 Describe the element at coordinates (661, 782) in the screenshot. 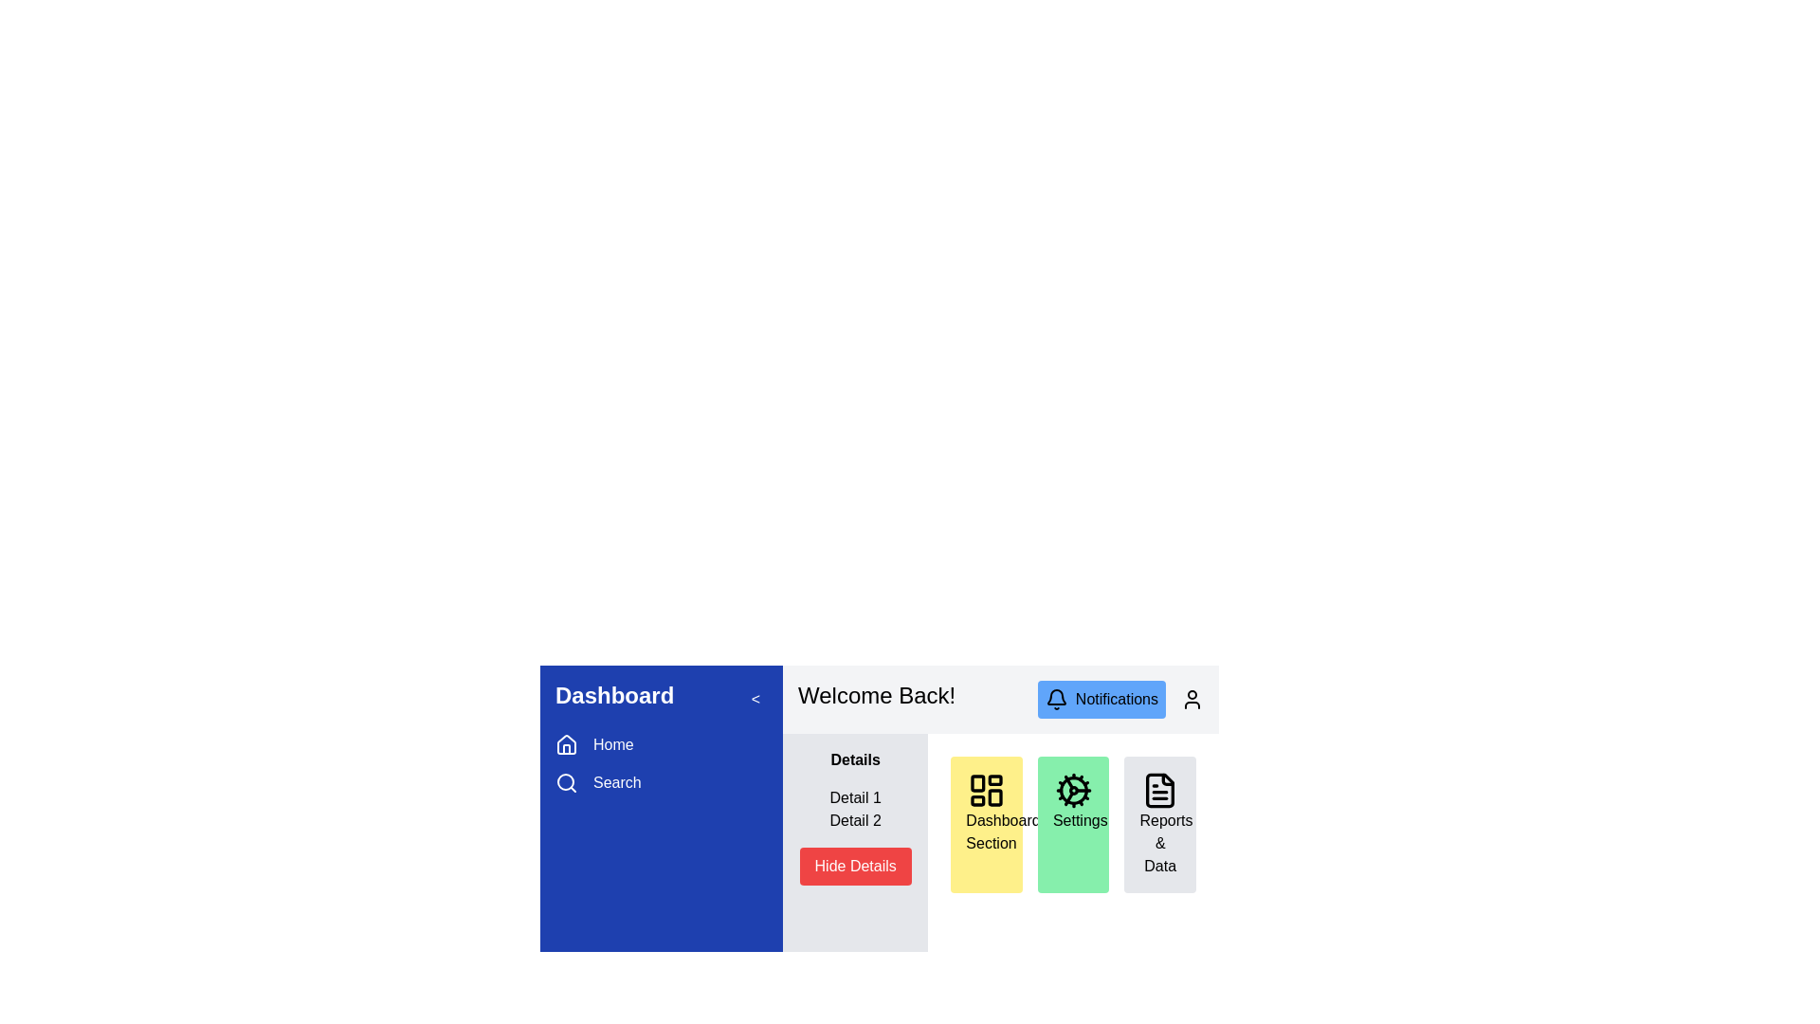

I see `the Navigation button located in the left-side blue navigation bar, directly below the 'Home' labeled element` at that location.